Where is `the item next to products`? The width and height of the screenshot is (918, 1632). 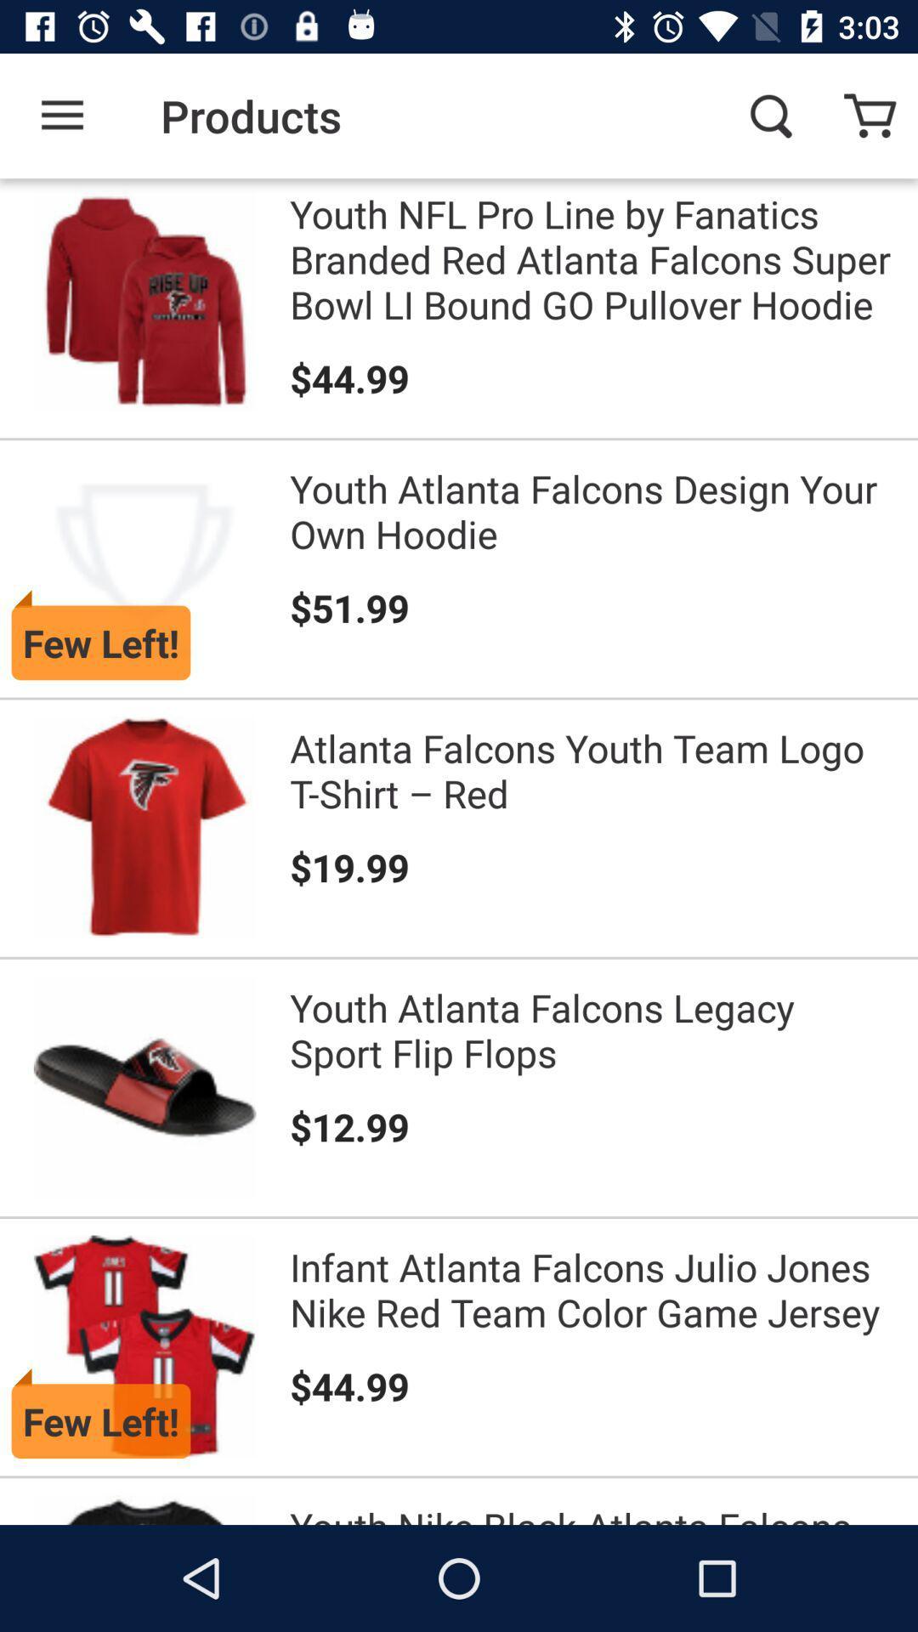 the item next to products is located at coordinates (770, 115).